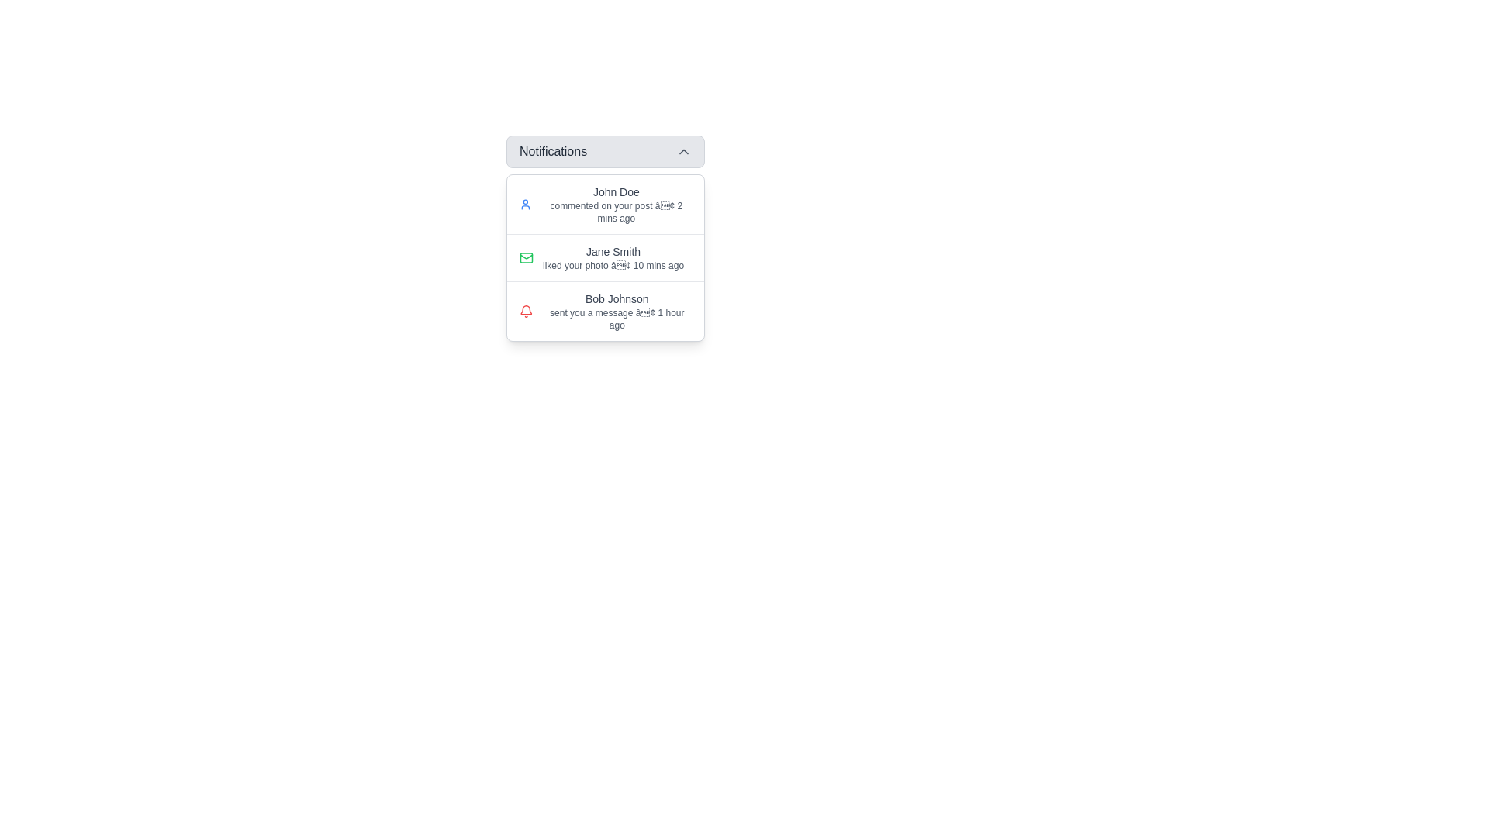 The height and width of the screenshot is (837, 1489). Describe the element at coordinates (525, 203) in the screenshot. I see `the blue user profile icon that represents a humanoid figure, located to the left of the notification text 'John Doe commented on your post • 2 mins ago.'` at that location.